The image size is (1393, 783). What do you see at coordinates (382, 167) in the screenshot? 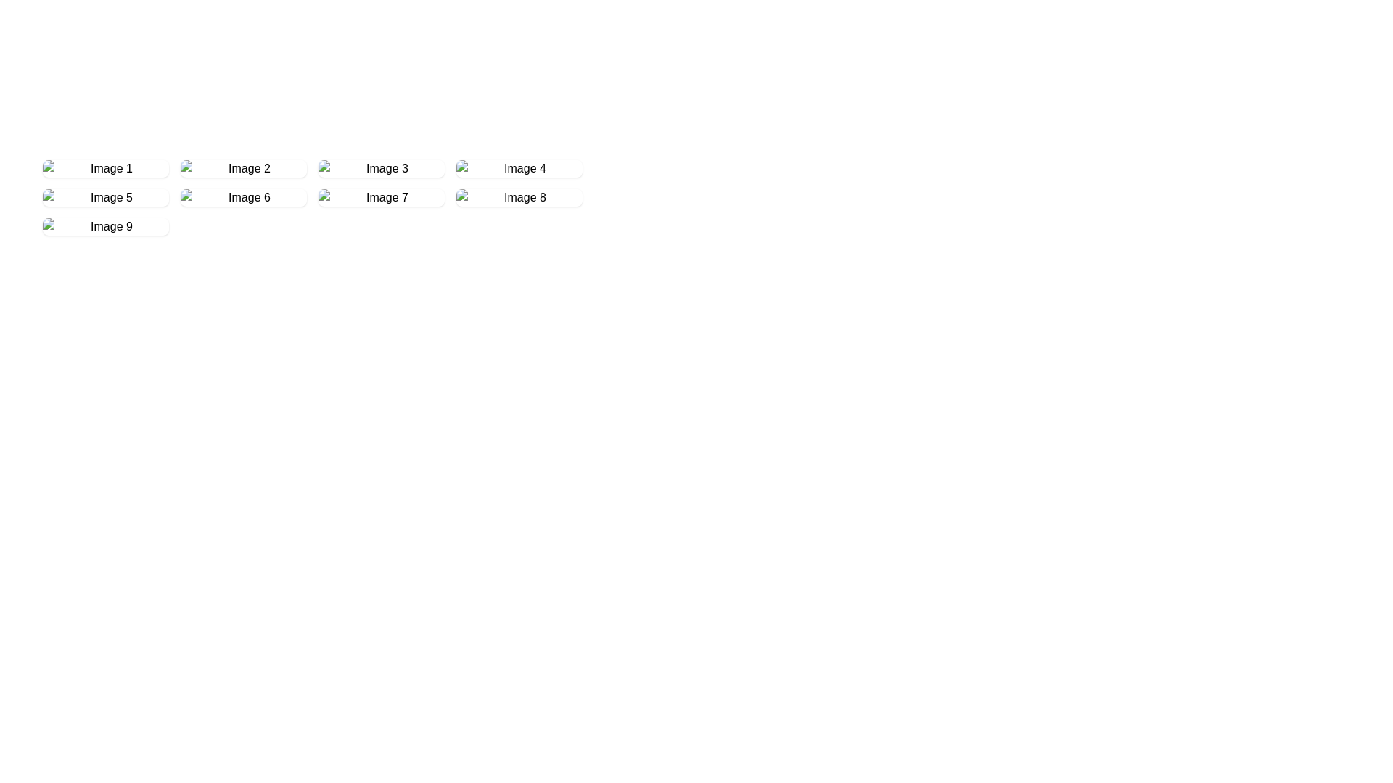
I see `the Image Card, which is the third item in the first row of the grid layout, positioned between 'Image 2' and 'Image 4'` at bounding box center [382, 167].